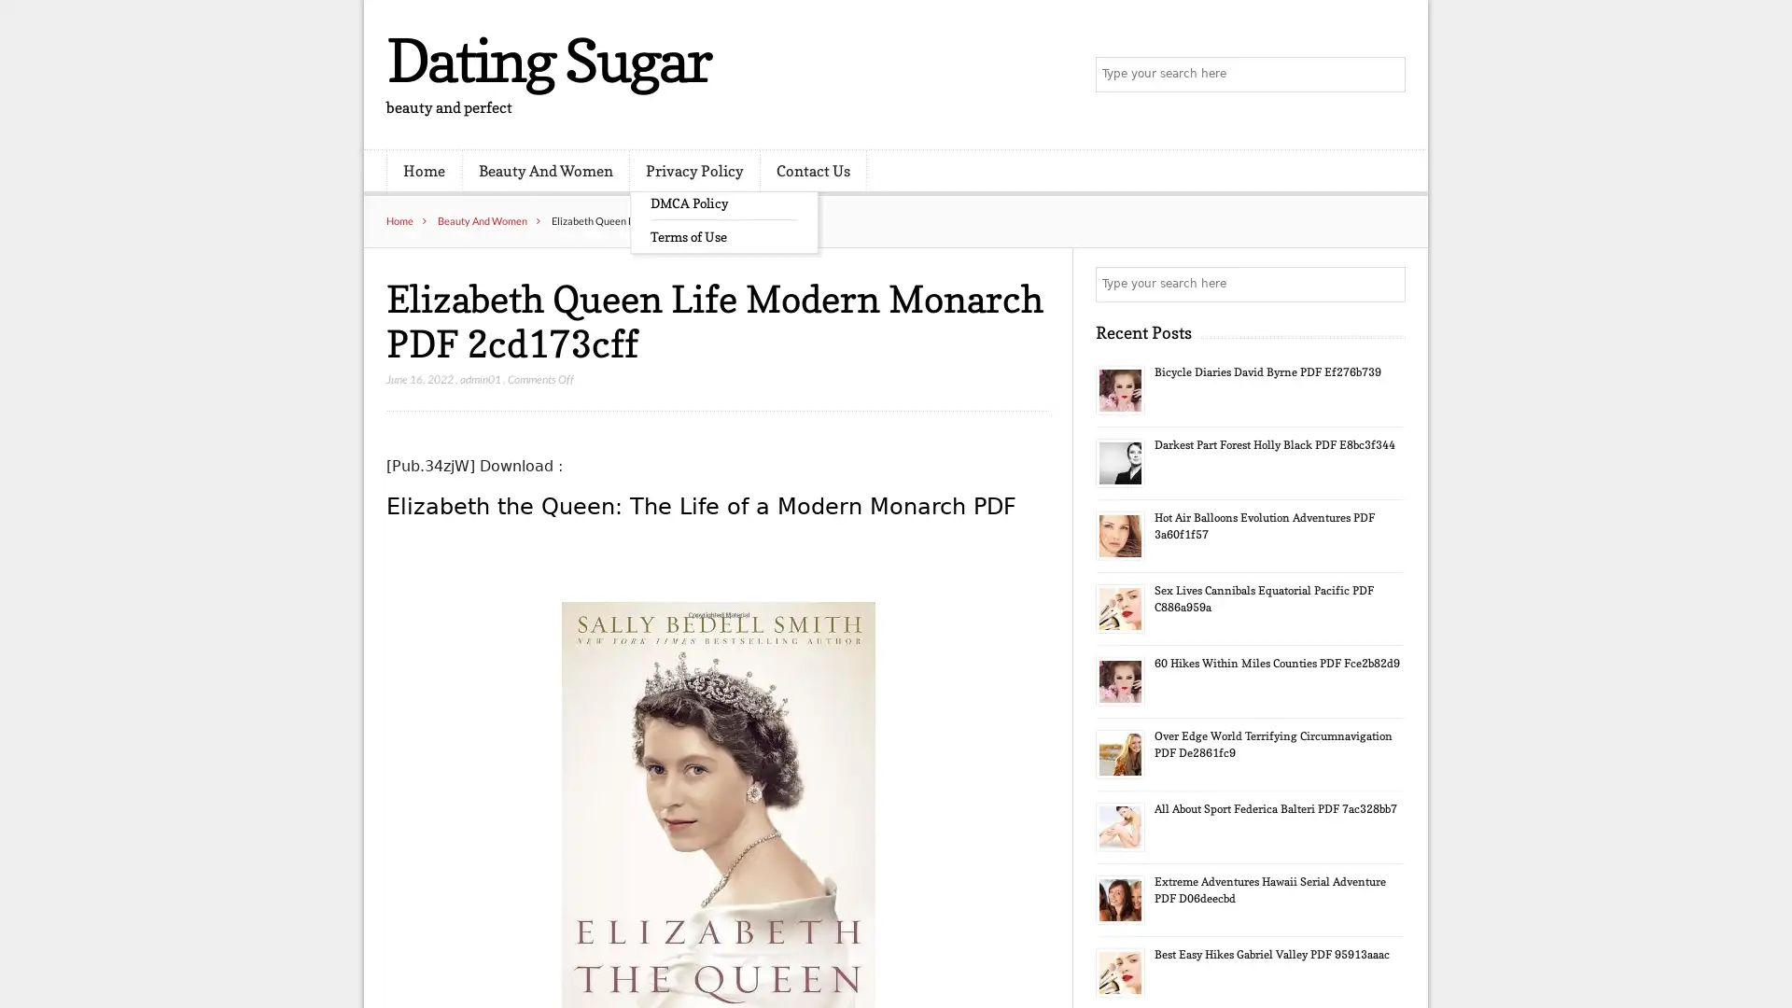  What do you see at coordinates (1386, 284) in the screenshot?
I see `Search` at bounding box center [1386, 284].